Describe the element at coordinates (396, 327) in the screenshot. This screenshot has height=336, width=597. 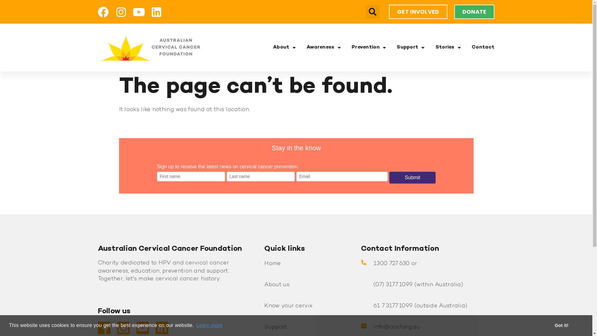
I see `'info@accf.org.au'` at that location.